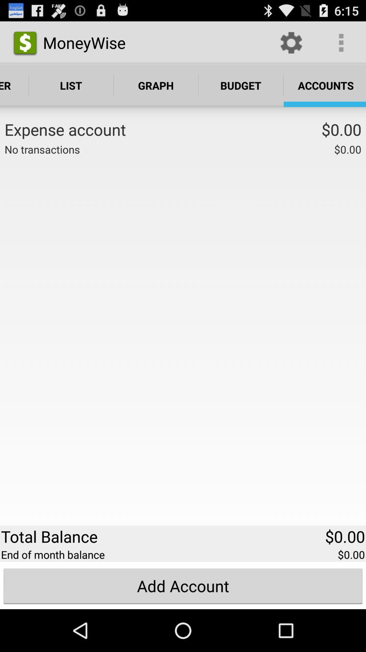 The width and height of the screenshot is (366, 652). What do you see at coordinates (42, 149) in the screenshot?
I see `no transactions` at bounding box center [42, 149].